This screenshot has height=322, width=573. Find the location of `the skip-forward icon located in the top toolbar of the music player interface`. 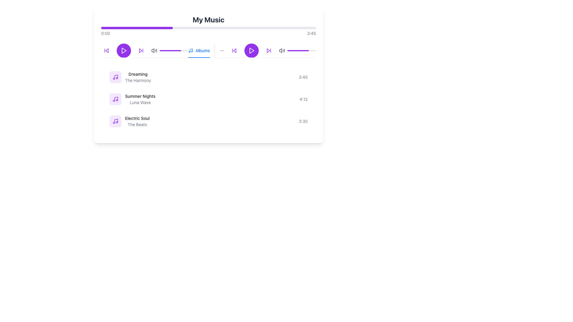

the skip-forward icon located in the top toolbar of the music player interface is located at coordinates (268, 50).